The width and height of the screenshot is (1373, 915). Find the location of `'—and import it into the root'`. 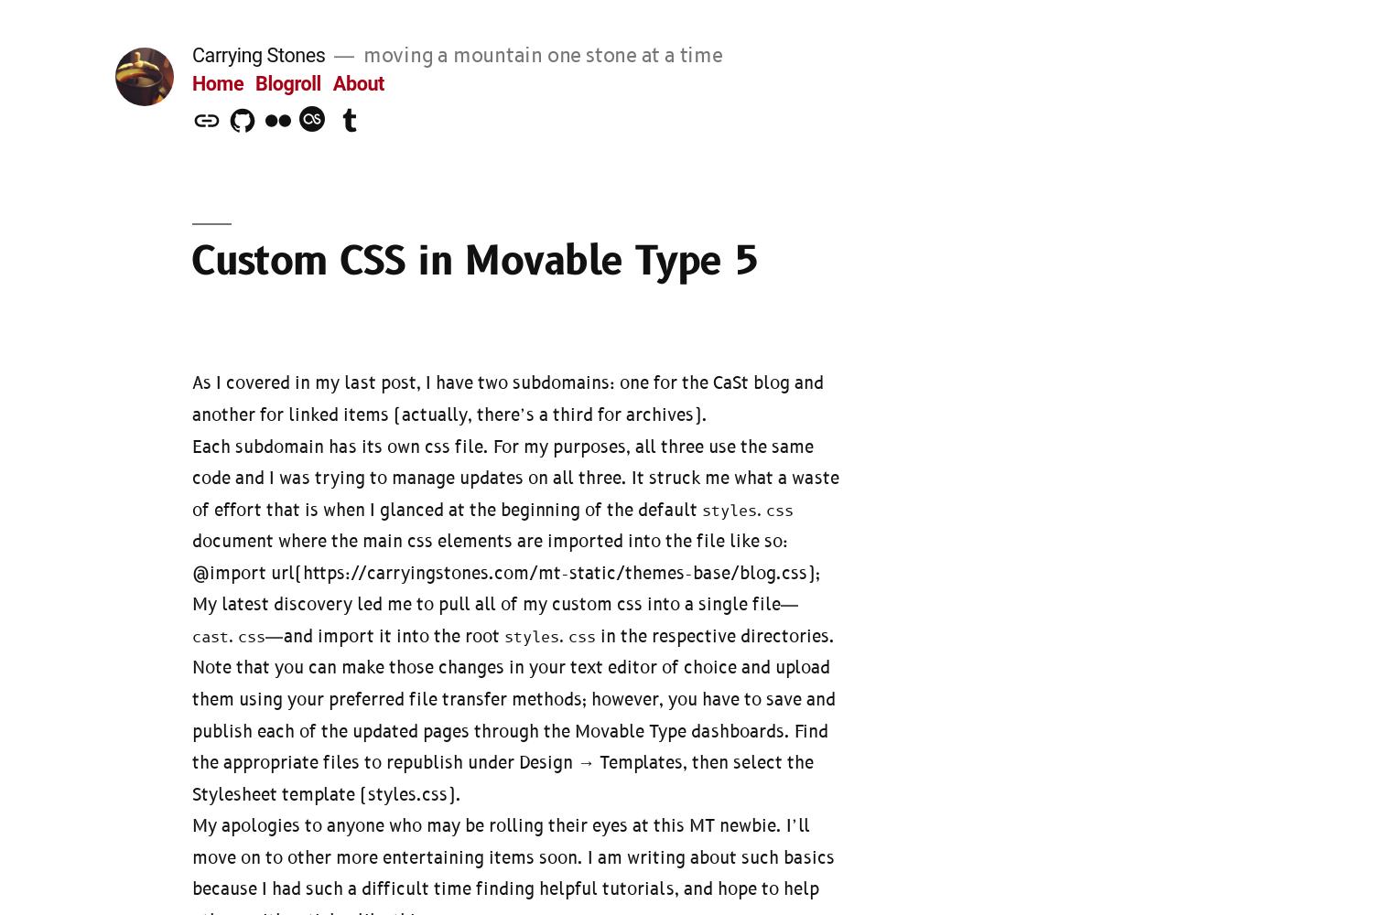

'—and import it into the root' is located at coordinates (384, 635).